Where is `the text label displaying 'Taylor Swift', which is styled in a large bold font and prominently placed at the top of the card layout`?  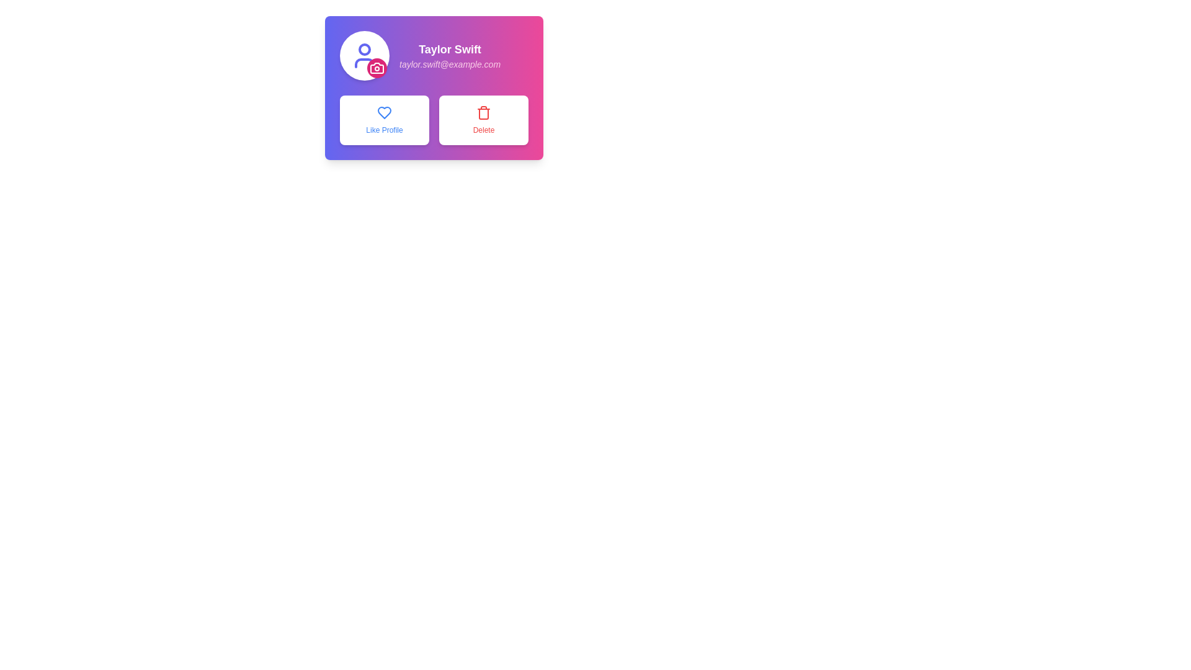
the text label displaying 'Taylor Swift', which is styled in a large bold font and prominently placed at the top of the card layout is located at coordinates (449, 49).